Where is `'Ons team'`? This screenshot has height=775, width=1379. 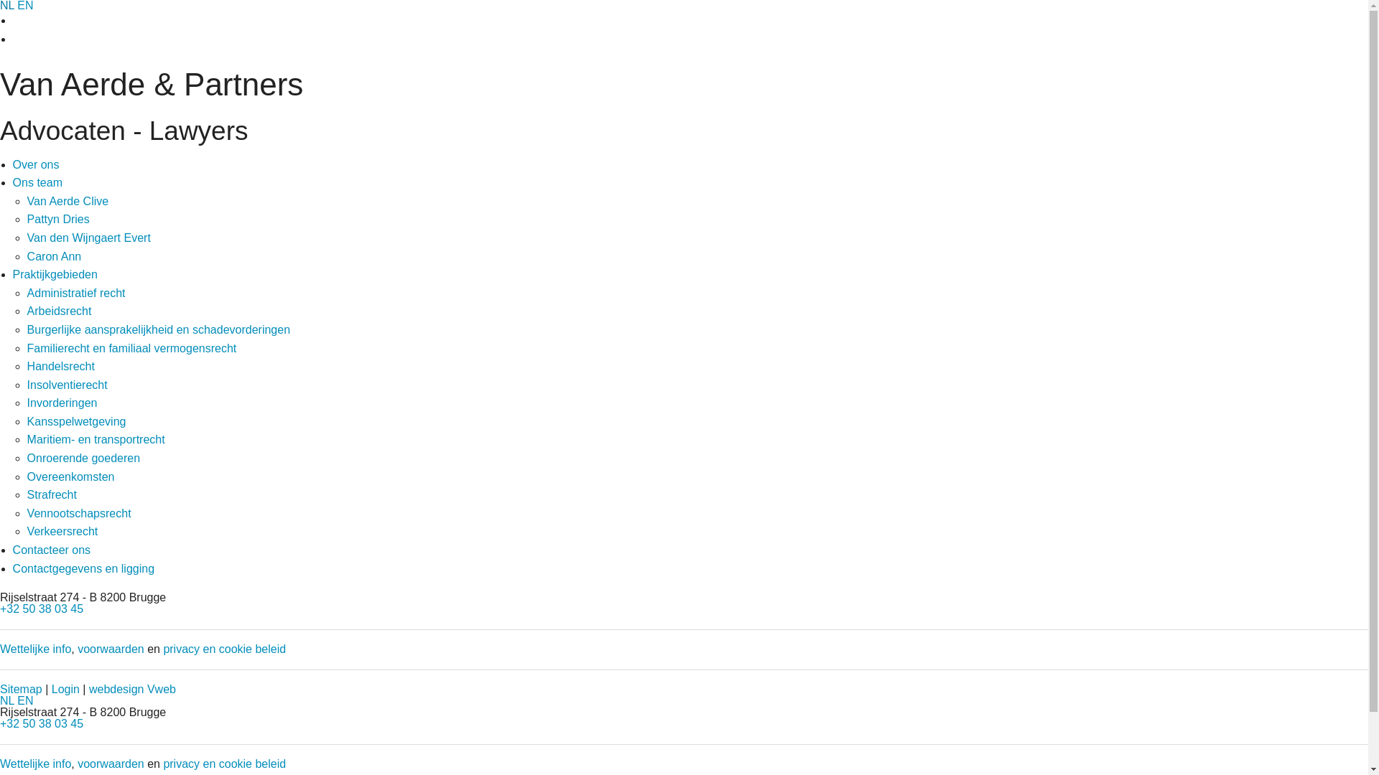
'Ons team' is located at coordinates (37, 182).